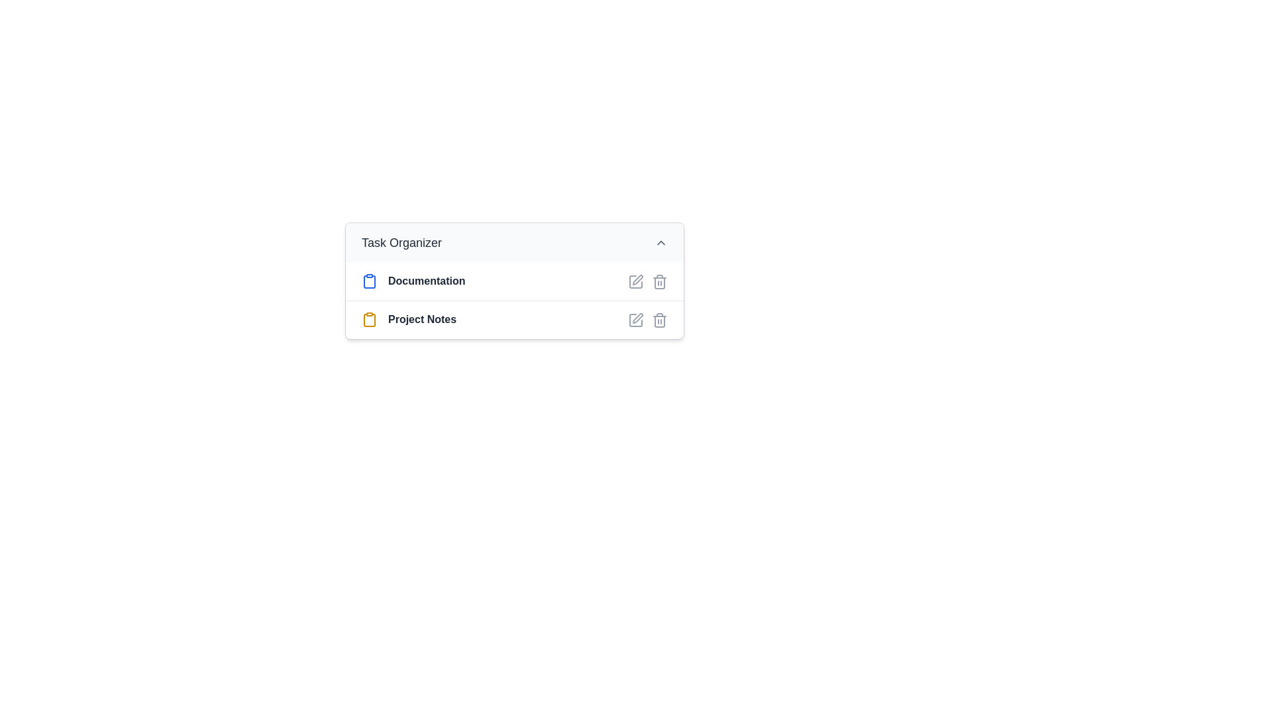  What do you see at coordinates (636, 319) in the screenshot?
I see `the small square pen icon with a modern thin-line vector design style, rendered in light gray and changing to blue on hover, located next to the 'Project Notes' text in the task organizer table` at bounding box center [636, 319].